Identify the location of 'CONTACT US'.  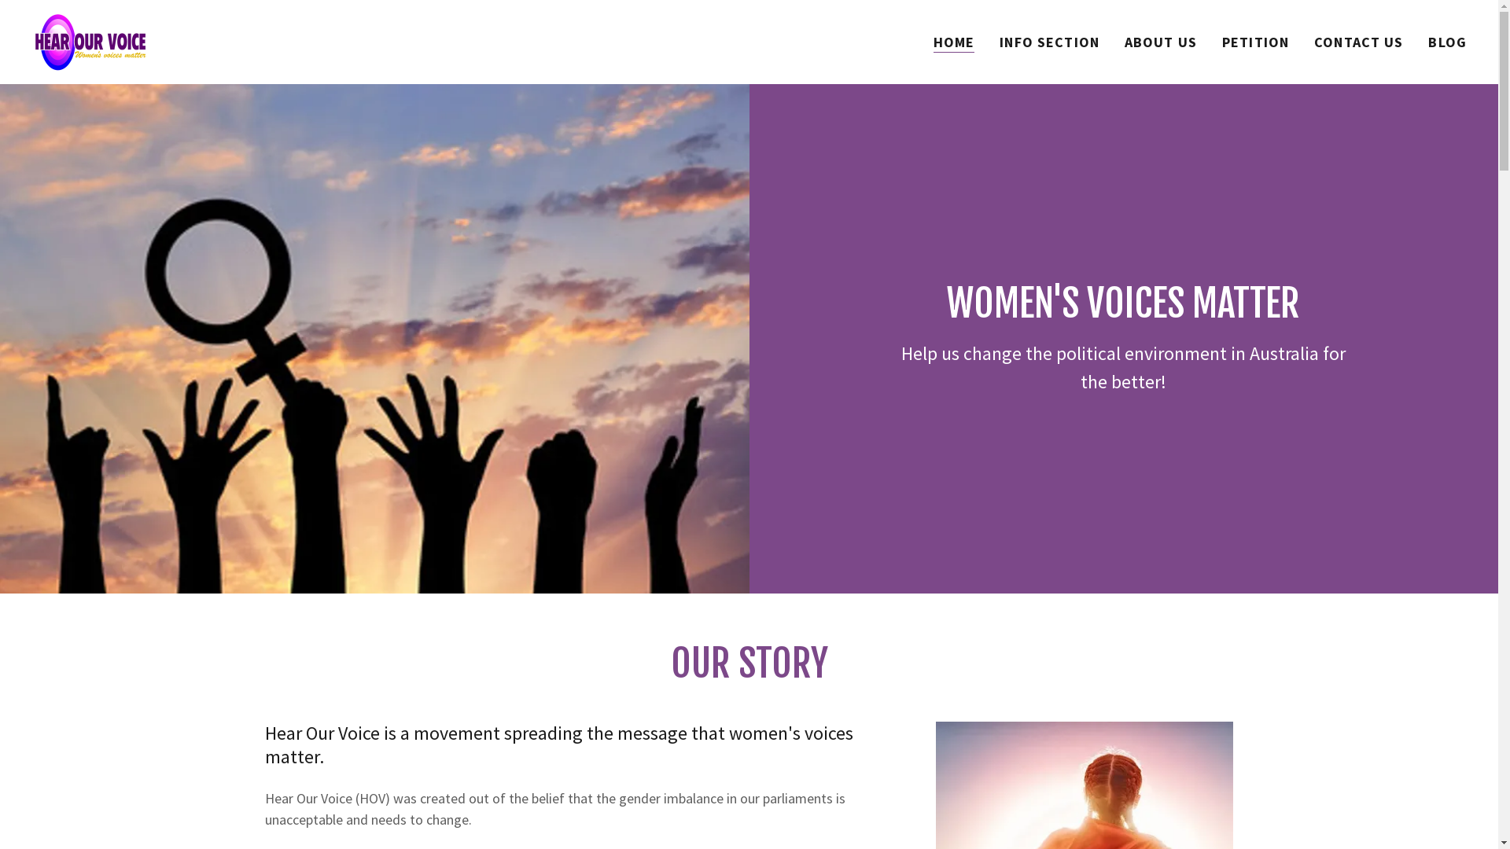
(1309, 42).